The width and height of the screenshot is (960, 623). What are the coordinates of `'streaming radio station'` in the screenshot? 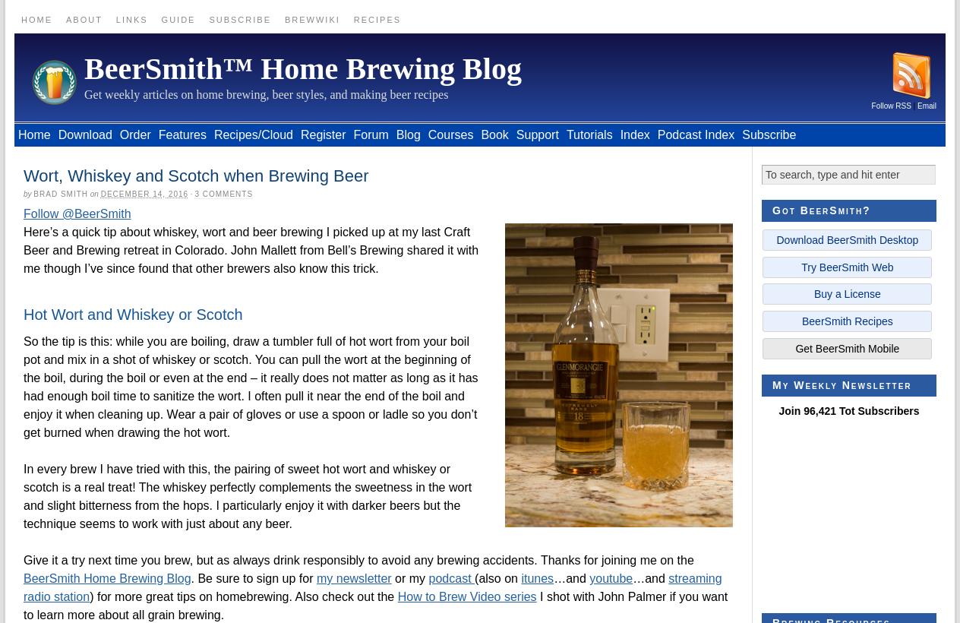 It's located at (372, 587).